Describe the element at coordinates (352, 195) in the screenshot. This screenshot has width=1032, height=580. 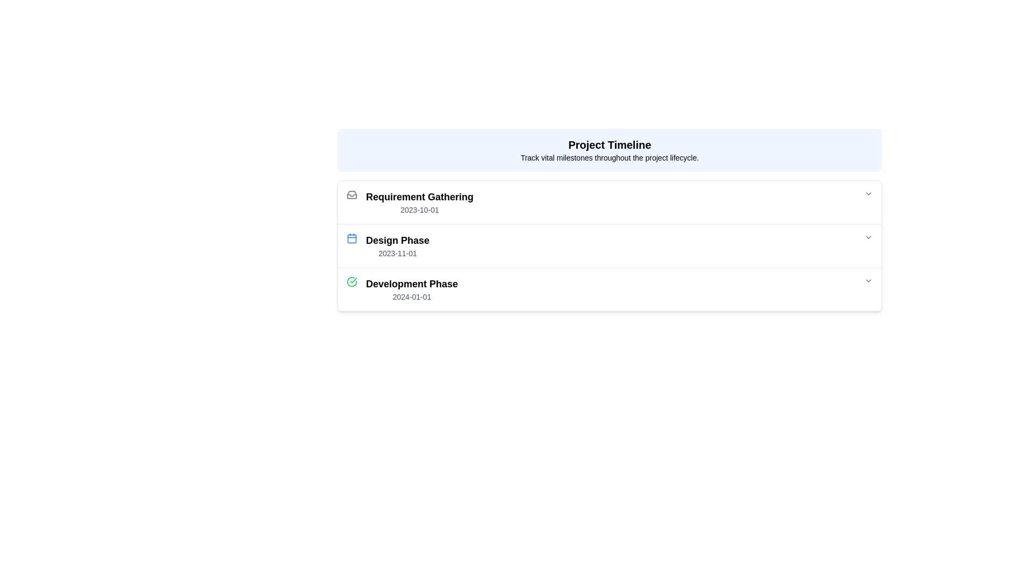
I see `the gray polygon element inside the SVG icon, situated towards the lower section next to the 'Requirement Gathering' text` at that location.